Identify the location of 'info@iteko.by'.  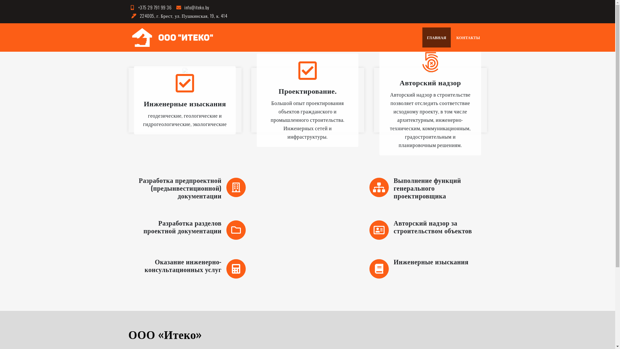
(191, 7).